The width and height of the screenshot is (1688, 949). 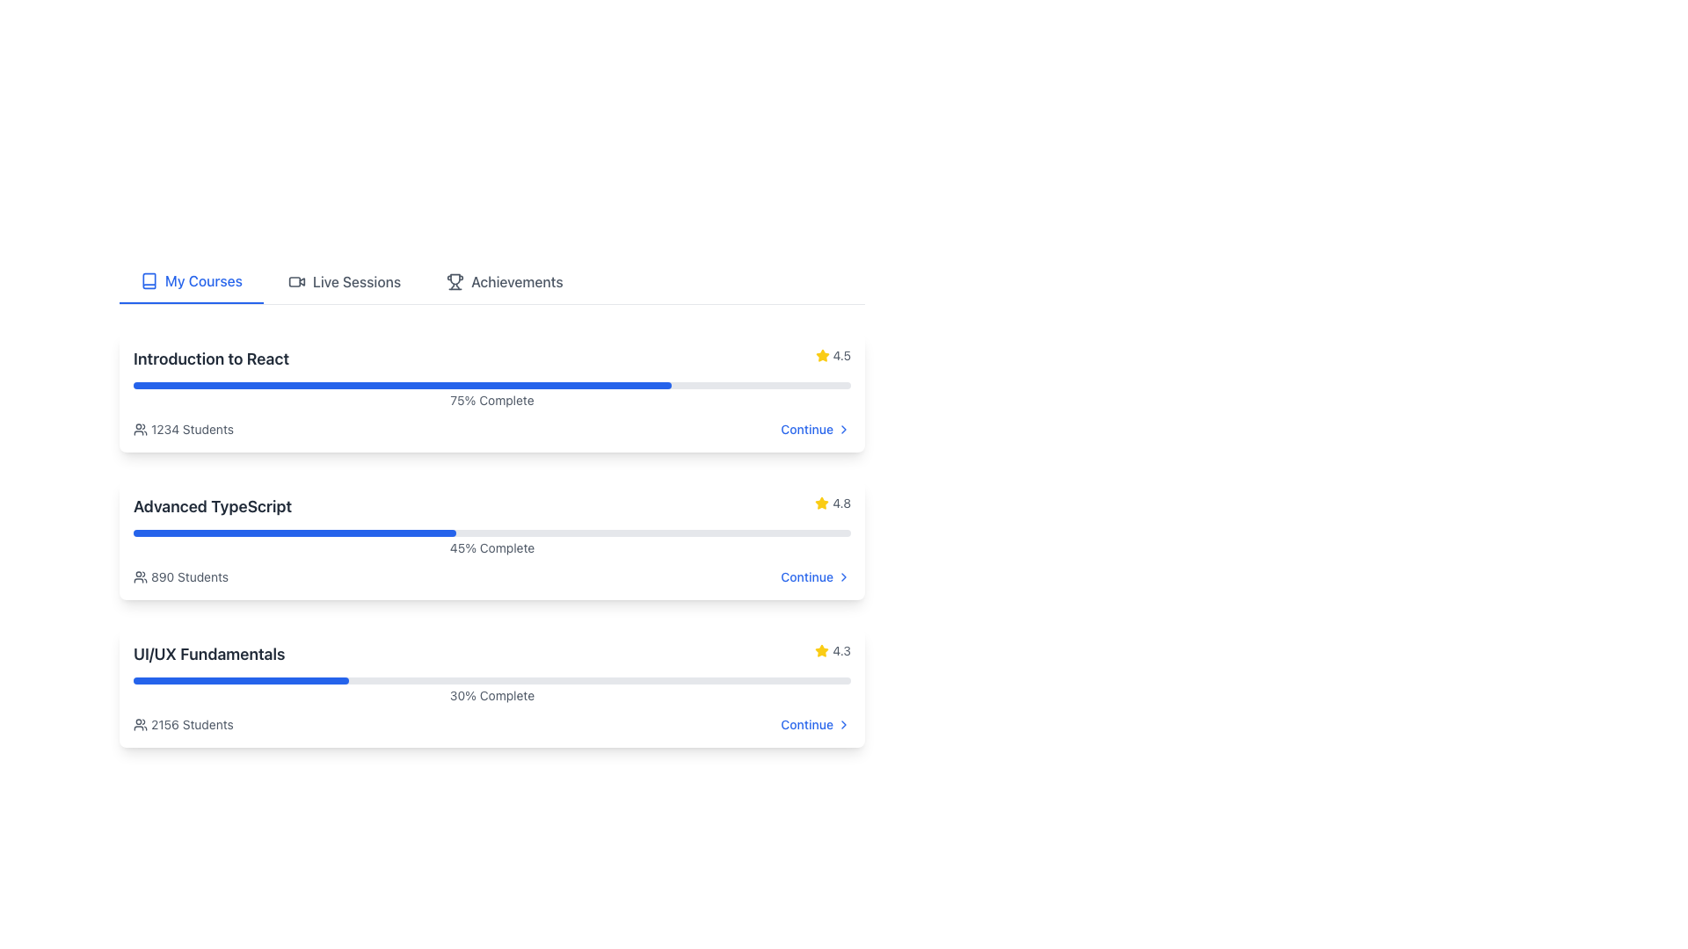 What do you see at coordinates (840, 650) in the screenshot?
I see `text label displaying the value '4.3', which is styled in small gray characters and located next to the yellow star icon at the bottom right of the 'UI/UX Fundamentals' course card` at bounding box center [840, 650].